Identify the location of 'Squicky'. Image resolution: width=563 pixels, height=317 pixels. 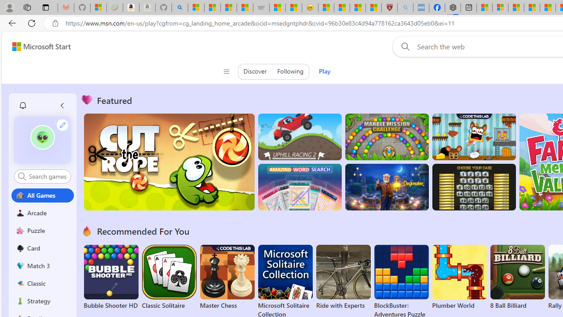
(473, 137).